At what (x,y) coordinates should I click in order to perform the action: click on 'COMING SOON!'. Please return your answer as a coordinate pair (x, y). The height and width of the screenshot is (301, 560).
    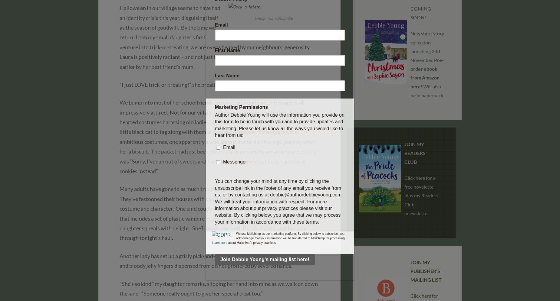
    Looking at the image, I should click on (421, 13).